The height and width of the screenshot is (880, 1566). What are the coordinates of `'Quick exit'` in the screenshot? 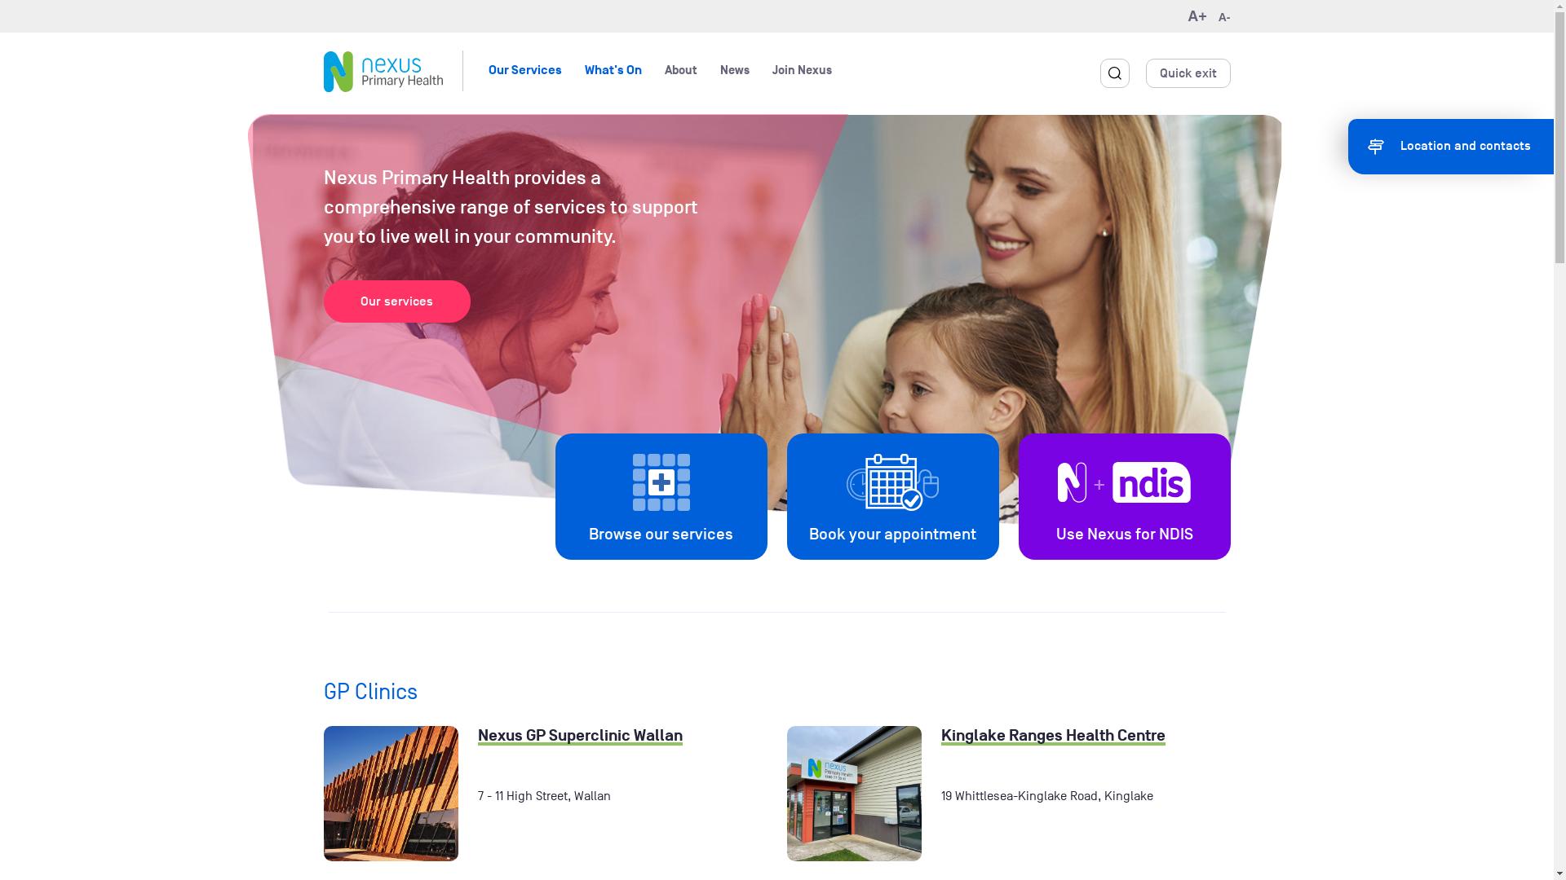 It's located at (1144, 72).